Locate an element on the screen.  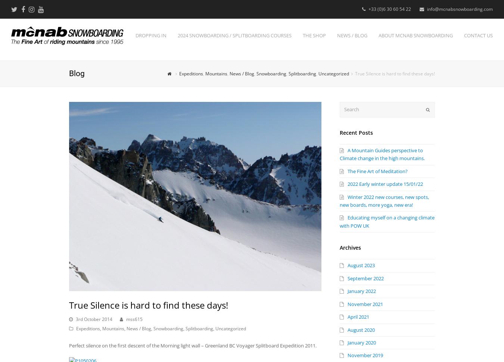
'Winter 2022 new courses, new spots, new boards, more yoga, new era!' is located at coordinates (384, 200).